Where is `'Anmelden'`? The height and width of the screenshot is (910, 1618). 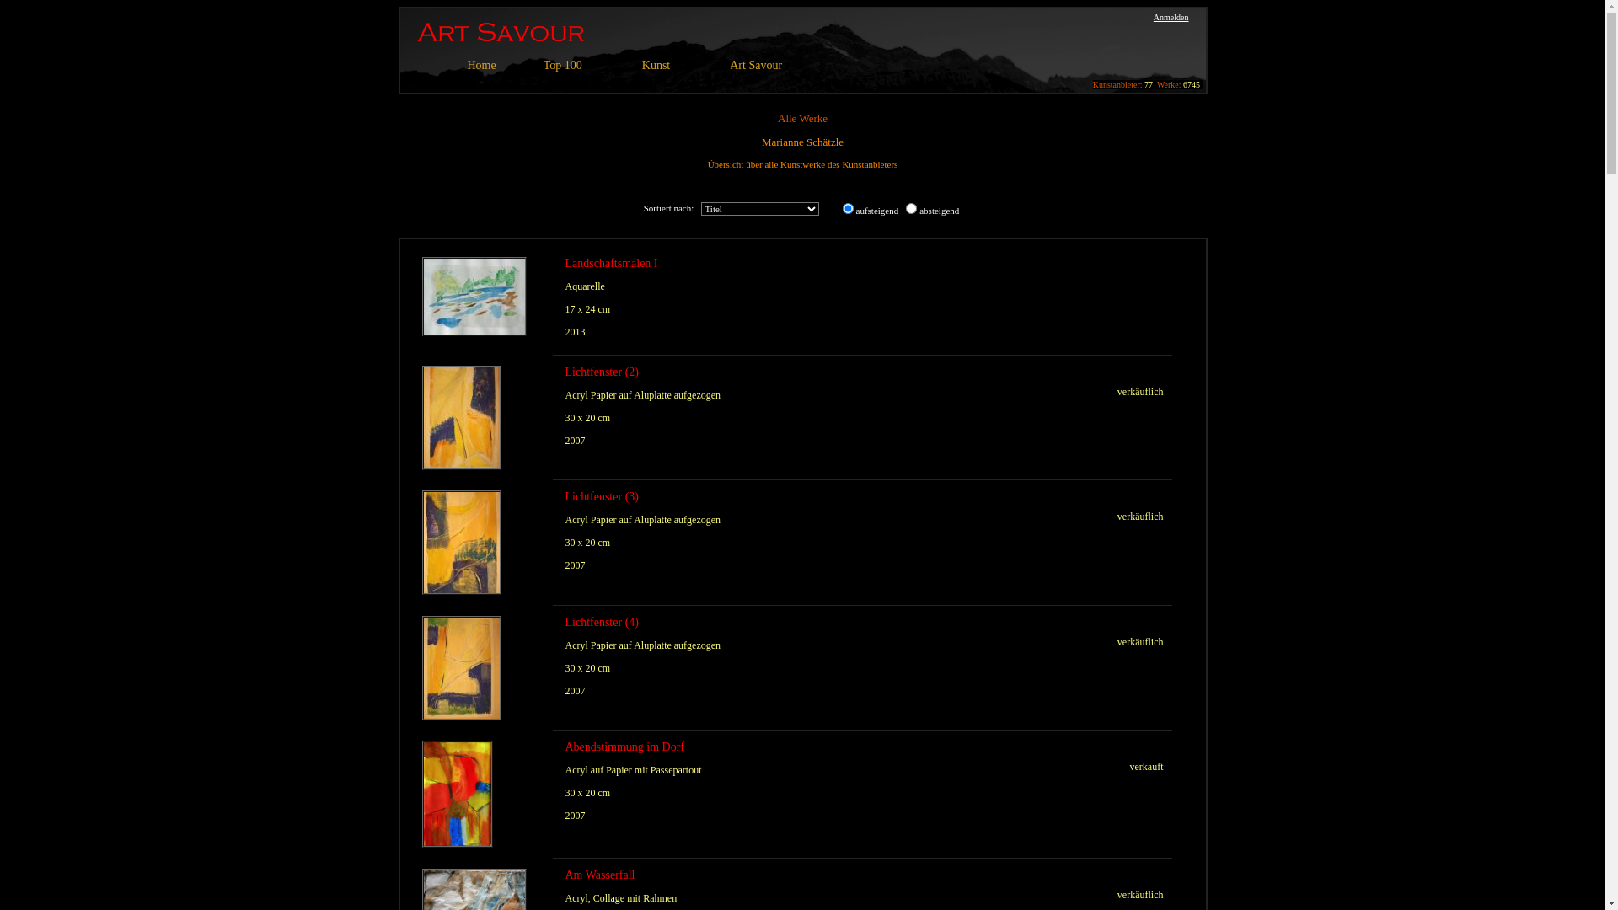
'Anmelden' is located at coordinates (1171, 17).